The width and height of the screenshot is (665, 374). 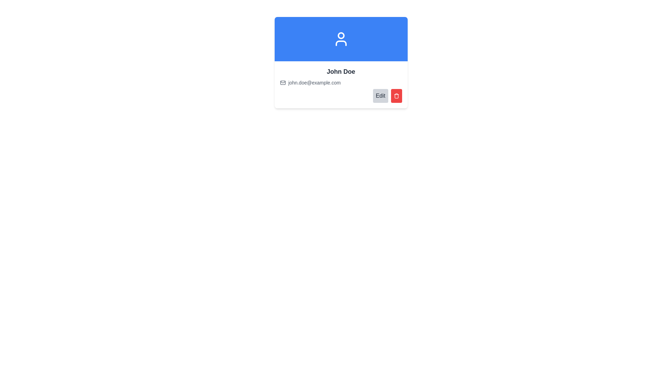 I want to click on the rectangular box area of the trash can icon, which is part of the SVG component located in the bottom right corner of the user card interface, so click(x=396, y=96).